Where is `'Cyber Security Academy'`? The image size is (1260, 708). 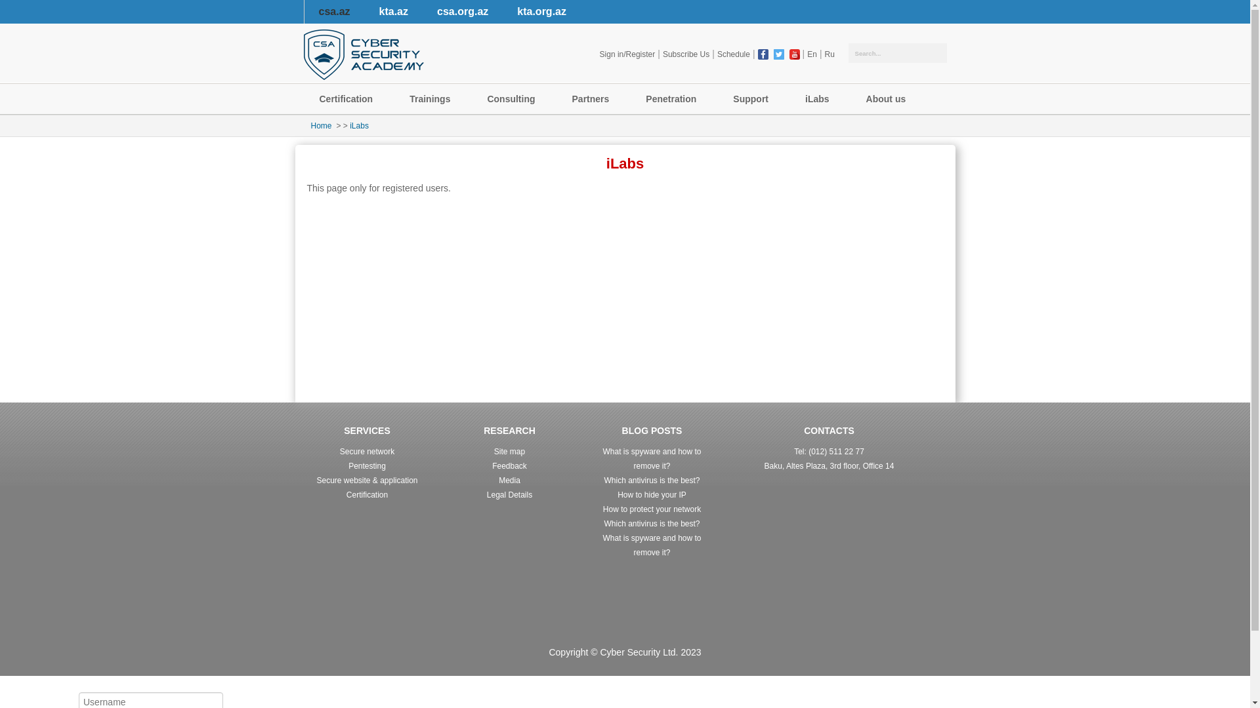 'Cyber Security Academy' is located at coordinates (363, 54).